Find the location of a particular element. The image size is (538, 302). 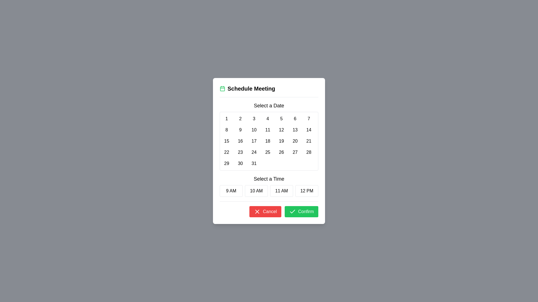

the '11 AM' button, which is the third button in a row of four buttons labeled '9 AM', '10 AM', '11 AM', and '12 PM', to activate the hover styling is located at coordinates (281, 190).